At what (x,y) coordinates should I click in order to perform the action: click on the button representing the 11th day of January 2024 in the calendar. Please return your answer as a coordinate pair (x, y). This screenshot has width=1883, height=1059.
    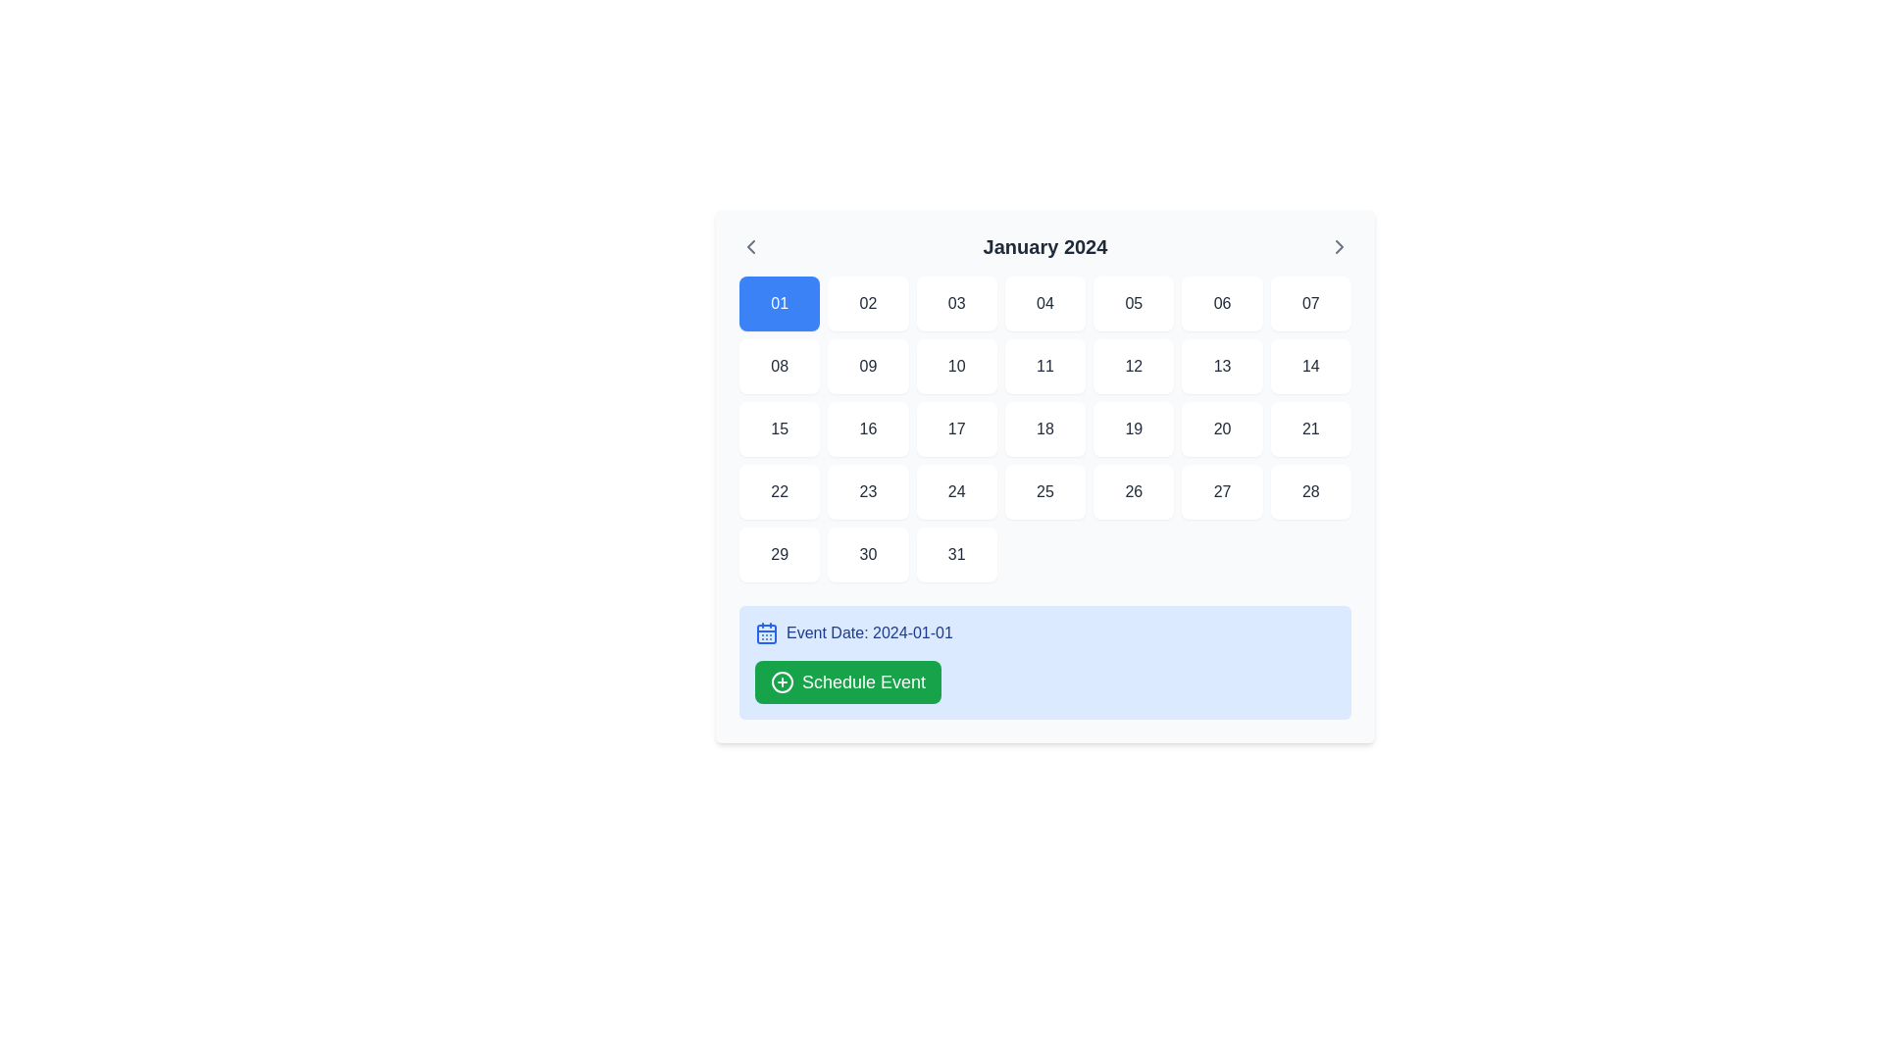
    Looking at the image, I should click on (1043, 367).